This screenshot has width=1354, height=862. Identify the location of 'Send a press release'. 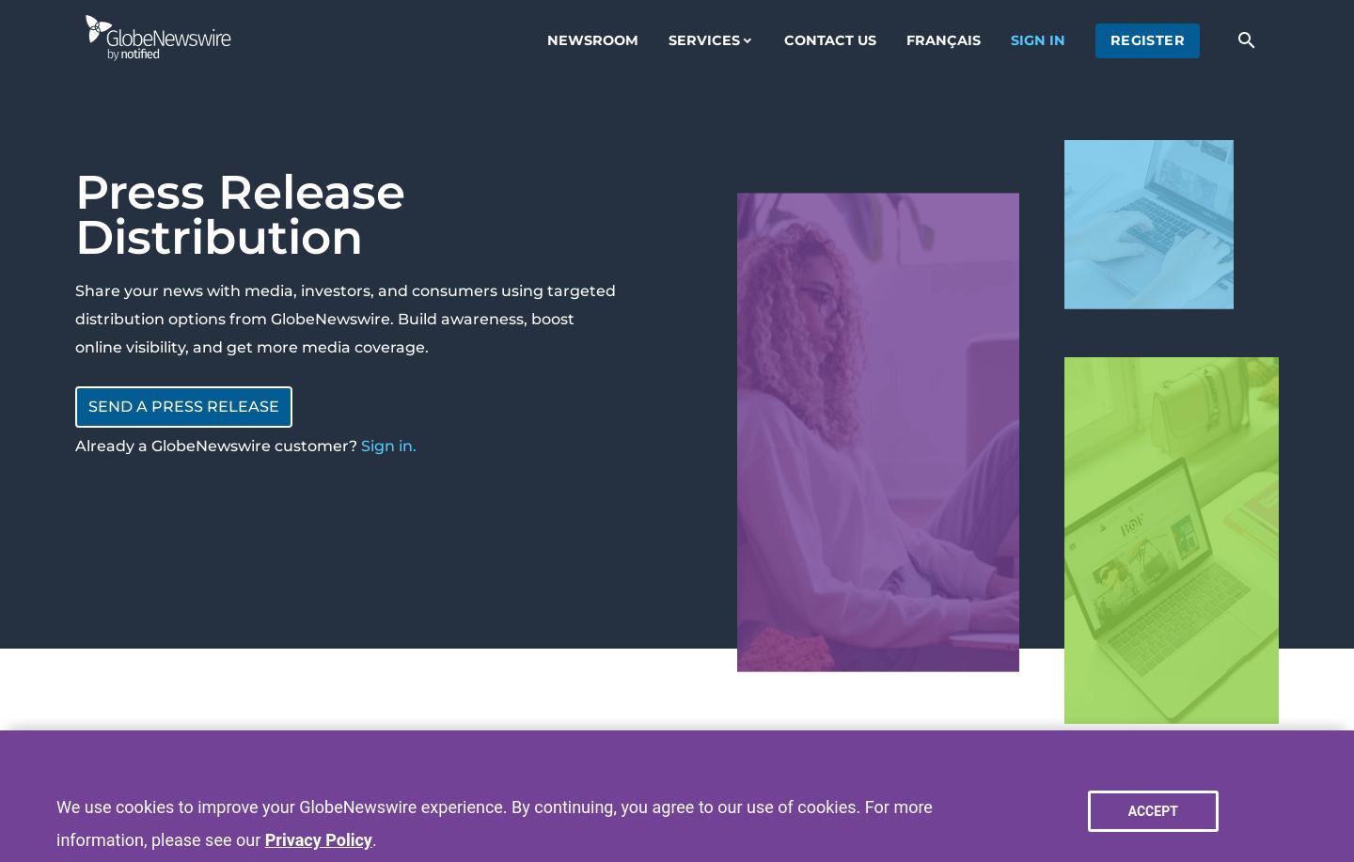
(183, 406).